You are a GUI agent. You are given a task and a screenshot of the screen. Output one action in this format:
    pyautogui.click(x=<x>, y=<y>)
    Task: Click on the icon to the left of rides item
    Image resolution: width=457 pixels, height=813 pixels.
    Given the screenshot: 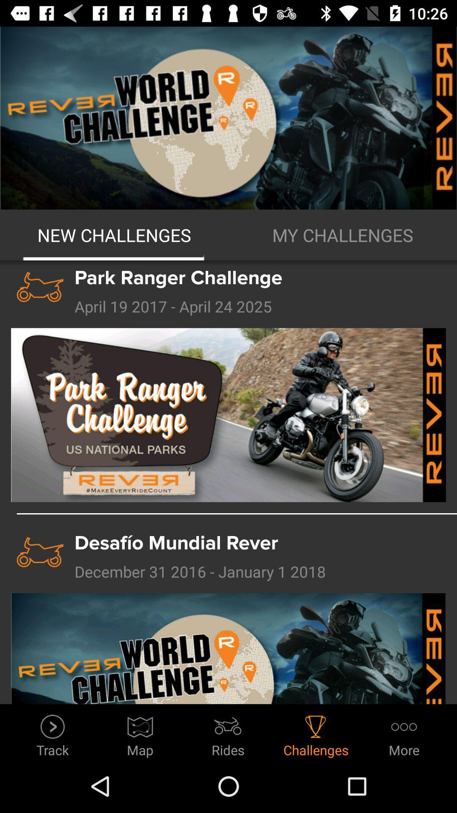 What is the action you would take?
    pyautogui.click(x=140, y=733)
    